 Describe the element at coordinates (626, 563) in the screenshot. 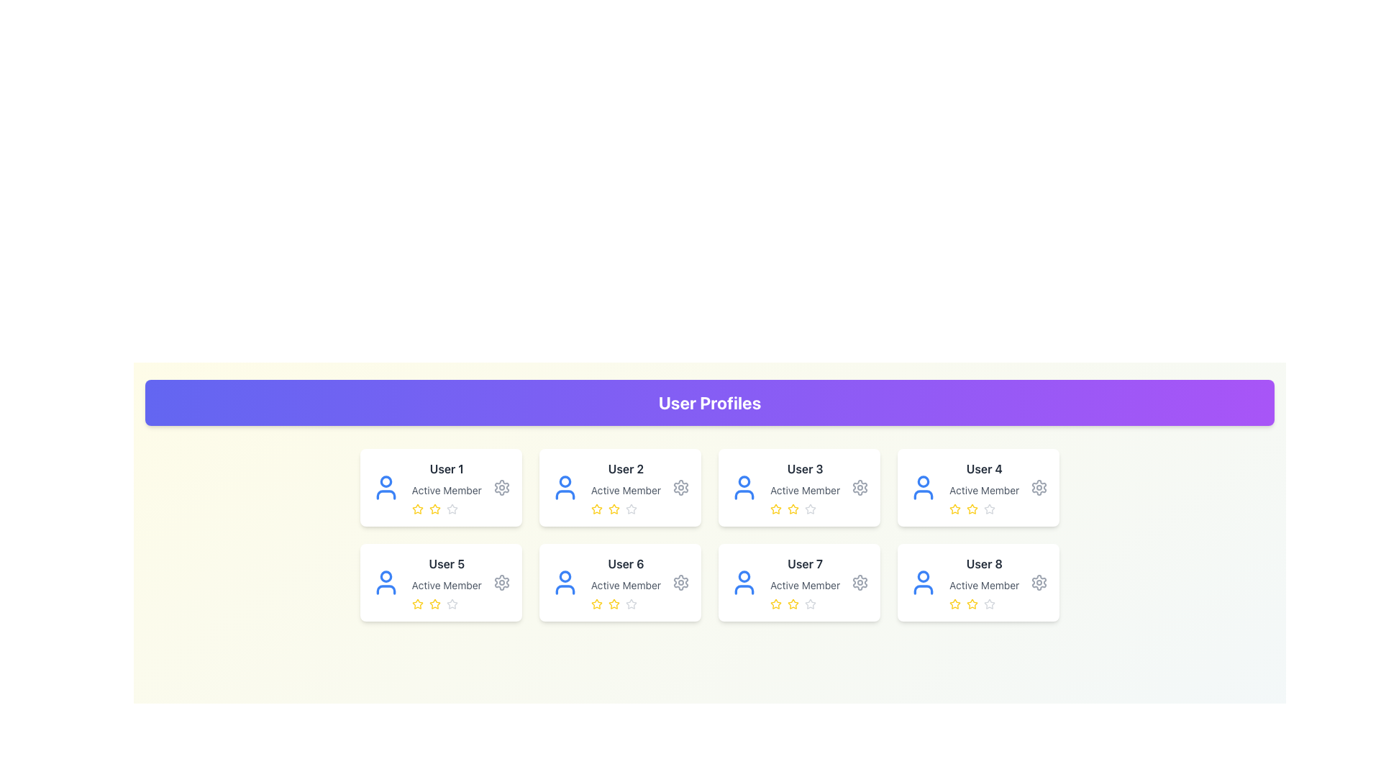

I see `the 'User 6' text label located in the profile card under the 'User Profiles' section` at that location.